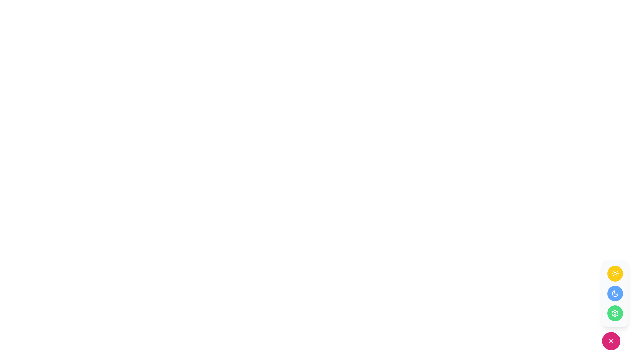  I want to click on the circular icon button with a blue background and a white crescent moon icon, so click(615, 293).